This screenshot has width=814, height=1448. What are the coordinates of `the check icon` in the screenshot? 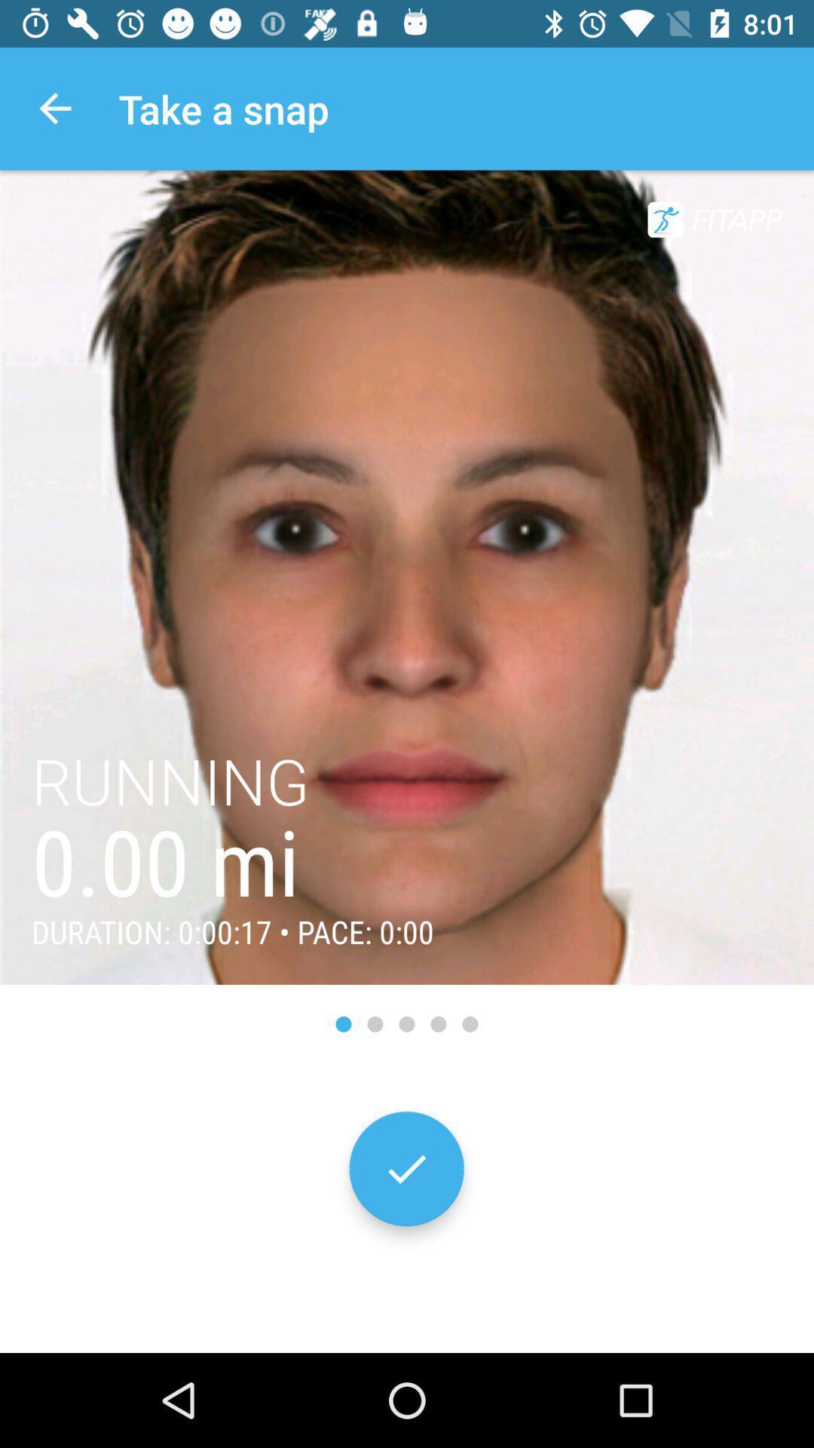 It's located at (405, 1167).